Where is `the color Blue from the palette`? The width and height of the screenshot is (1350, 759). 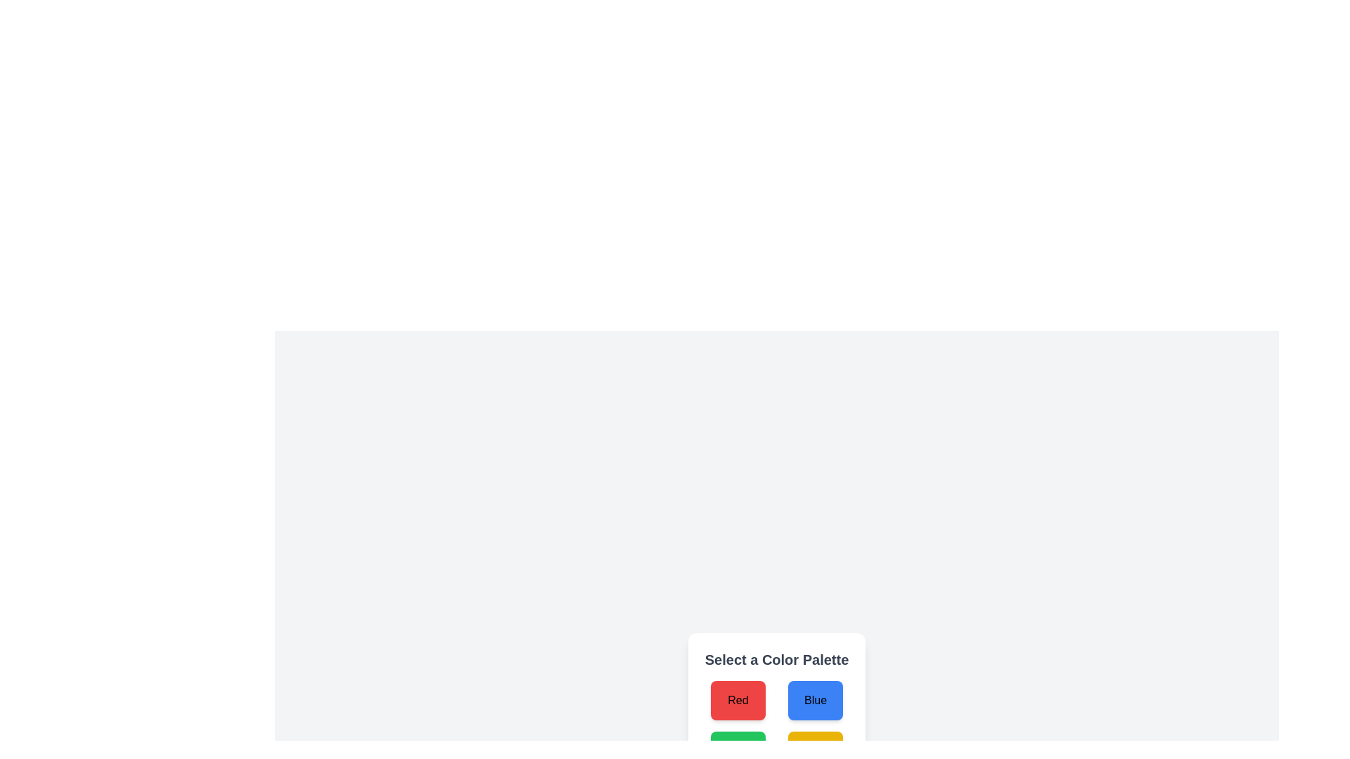 the color Blue from the palette is located at coordinates (816, 700).